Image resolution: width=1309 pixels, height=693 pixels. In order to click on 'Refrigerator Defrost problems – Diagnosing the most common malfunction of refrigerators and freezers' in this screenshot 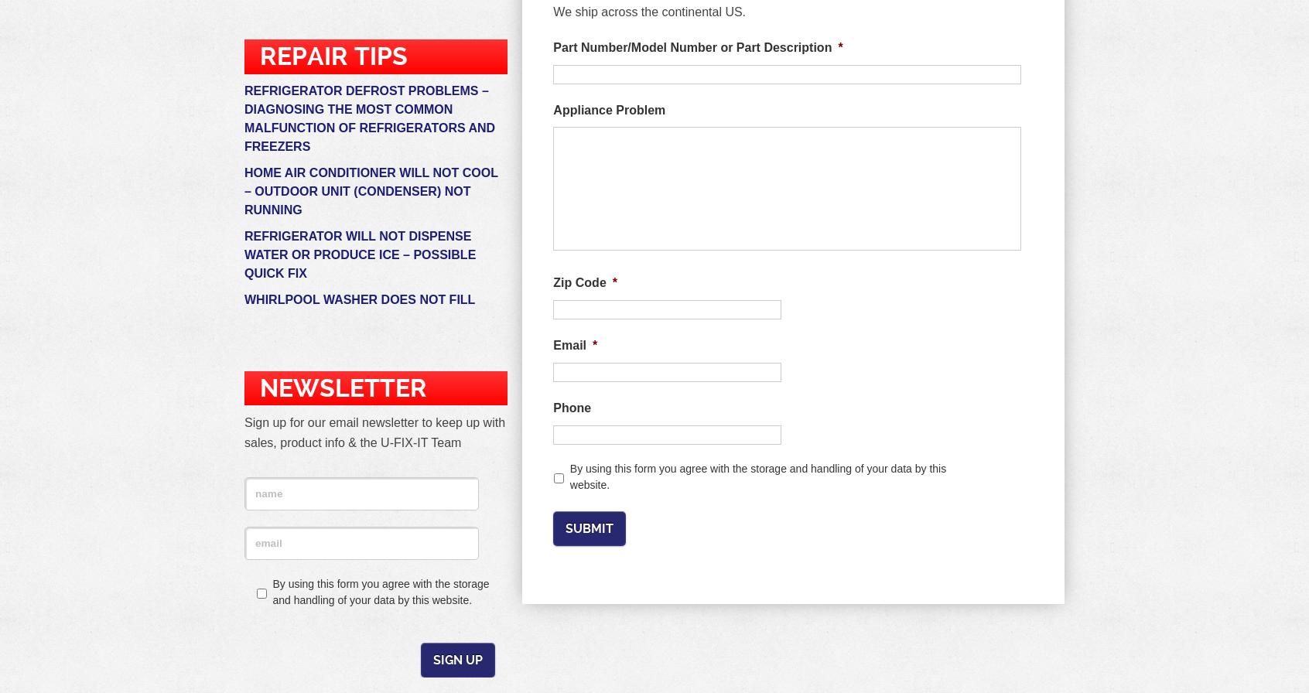, I will do `click(368, 118)`.